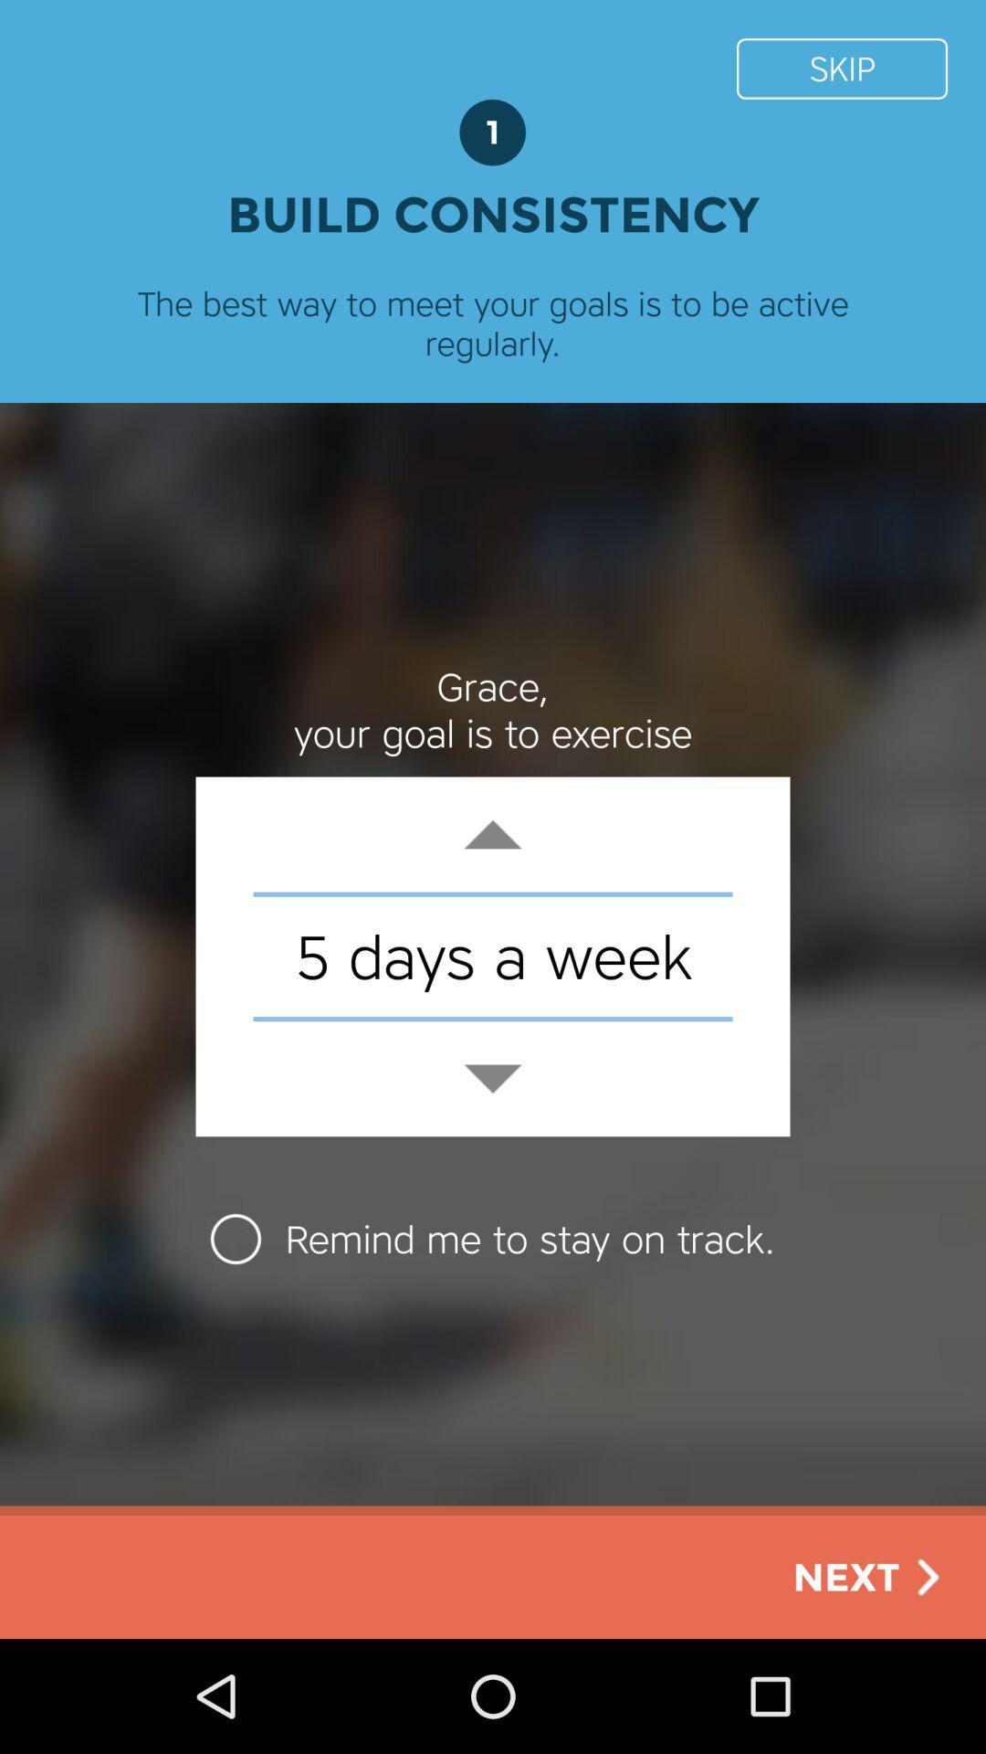  What do you see at coordinates (869, 1576) in the screenshot?
I see `the icon at the bottom right corner` at bounding box center [869, 1576].